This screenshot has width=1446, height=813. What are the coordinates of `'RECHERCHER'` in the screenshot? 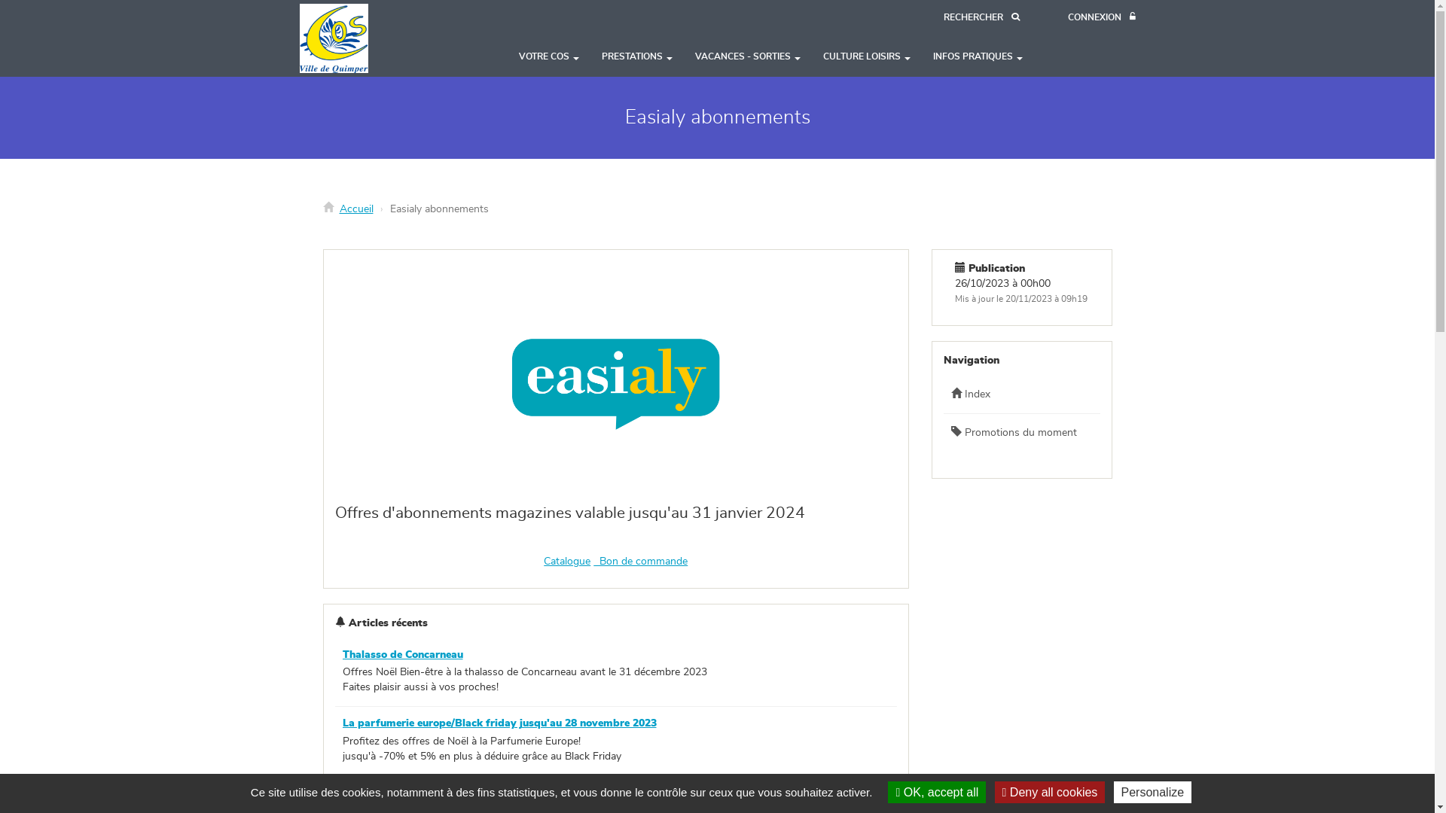 It's located at (942, 17).